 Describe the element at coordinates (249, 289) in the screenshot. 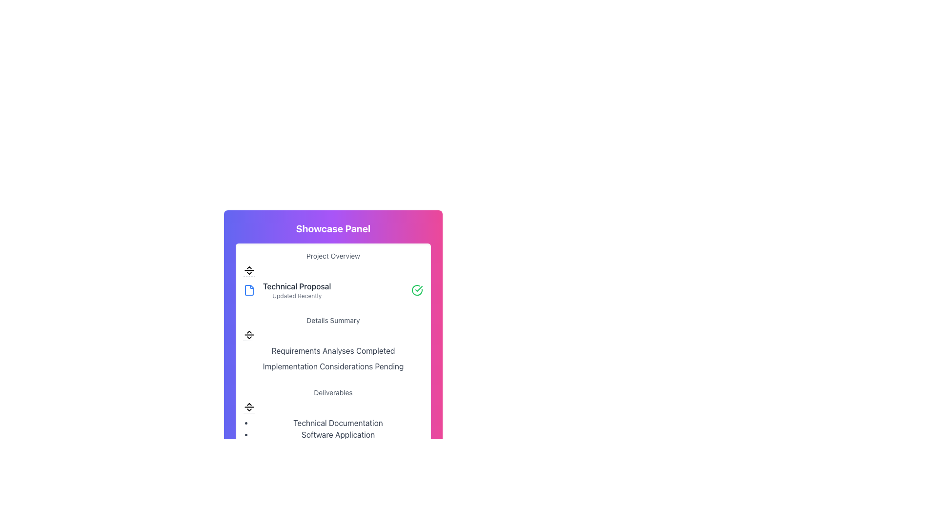

I see `the blue document icon with a folded corner located in the row labeled 'Technical Proposal Updated Recently.'` at that location.